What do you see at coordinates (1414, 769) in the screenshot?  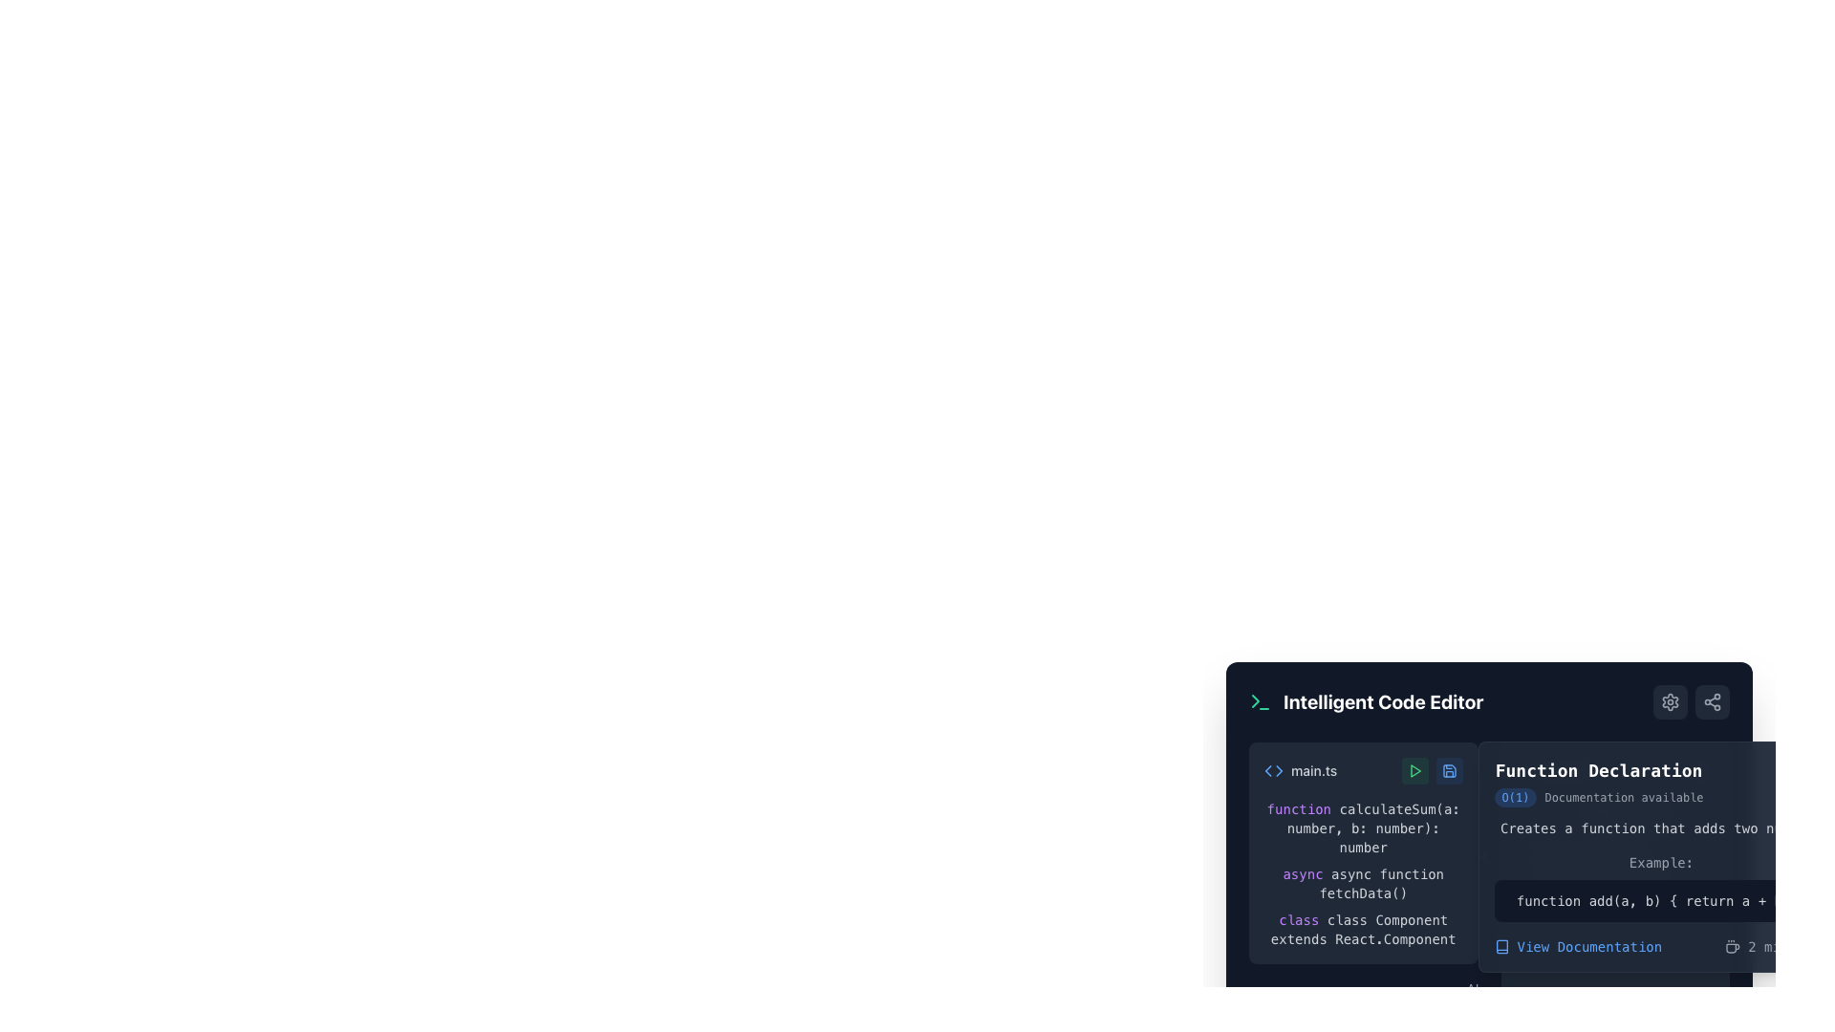 I see `the triangular play icon button located in the bottom-right corner of the interface to initiate an action` at bounding box center [1414, 769].